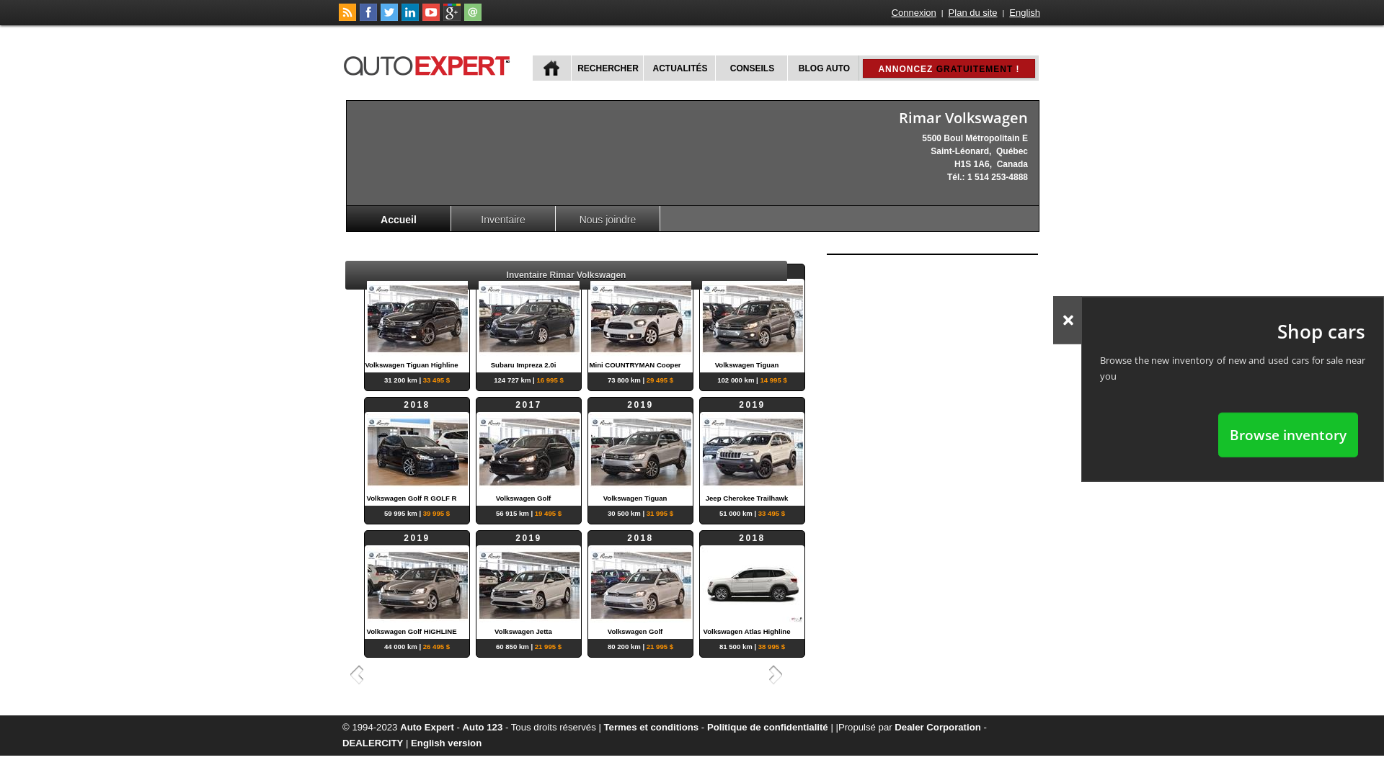  What do you see at coordinates (1024, 12) in the screenshot?
I see `'English'` at bounding box center [1024, 12].